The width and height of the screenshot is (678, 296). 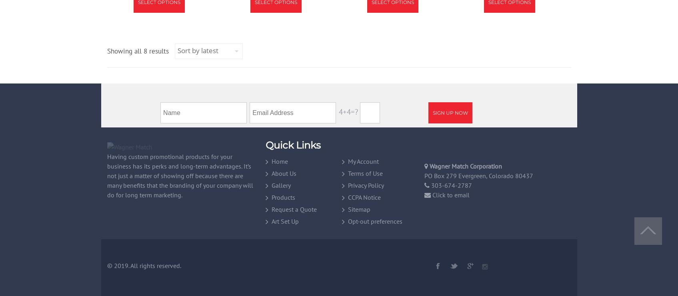 What do you see at coordinates (180, 175) in the screenshot?
I see `'Having custom promotional products for your business has its perks and long-term advantages. It’s not just a matter of showing off because there are many benefits that the branding of your company will do for long term marketing.'` at bounding box center [180, 175].